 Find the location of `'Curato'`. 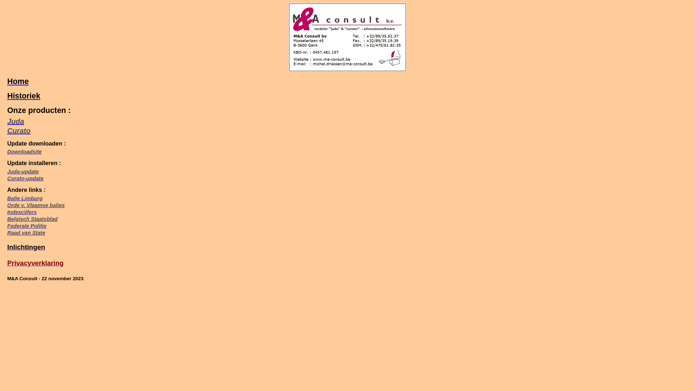

'Curato' is located at coordinates (19, 131).